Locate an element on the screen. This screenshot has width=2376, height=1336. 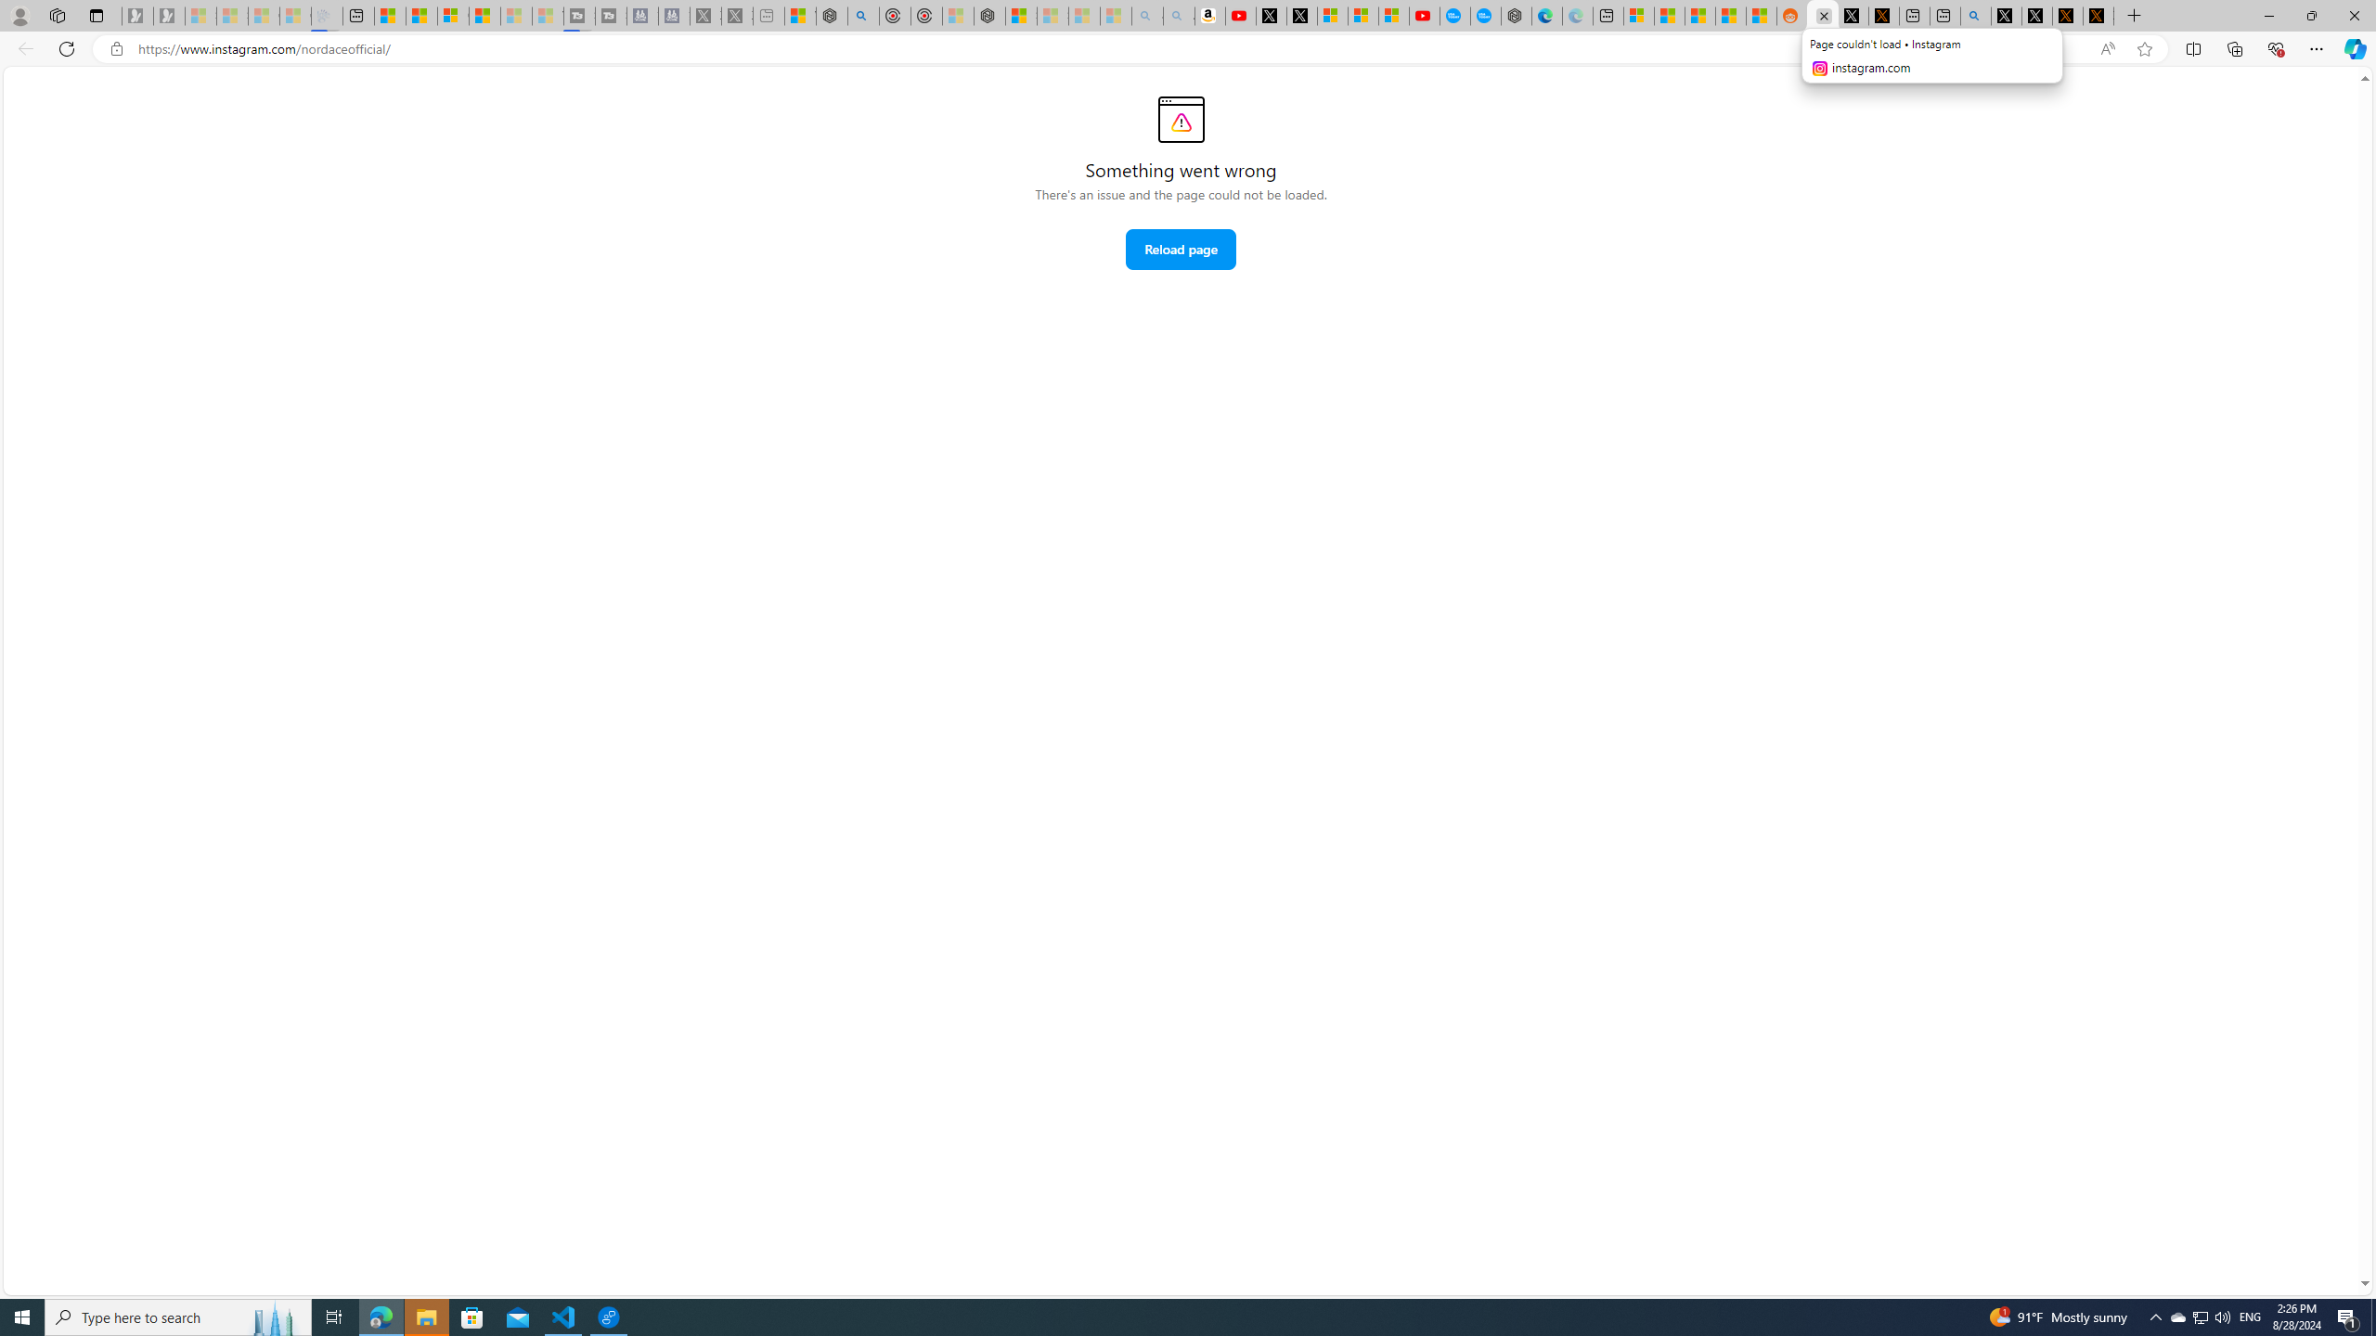
'Nordace - Nordace Siena Is Not An Ordinary Backpack' is located at coordinates (990, 15).